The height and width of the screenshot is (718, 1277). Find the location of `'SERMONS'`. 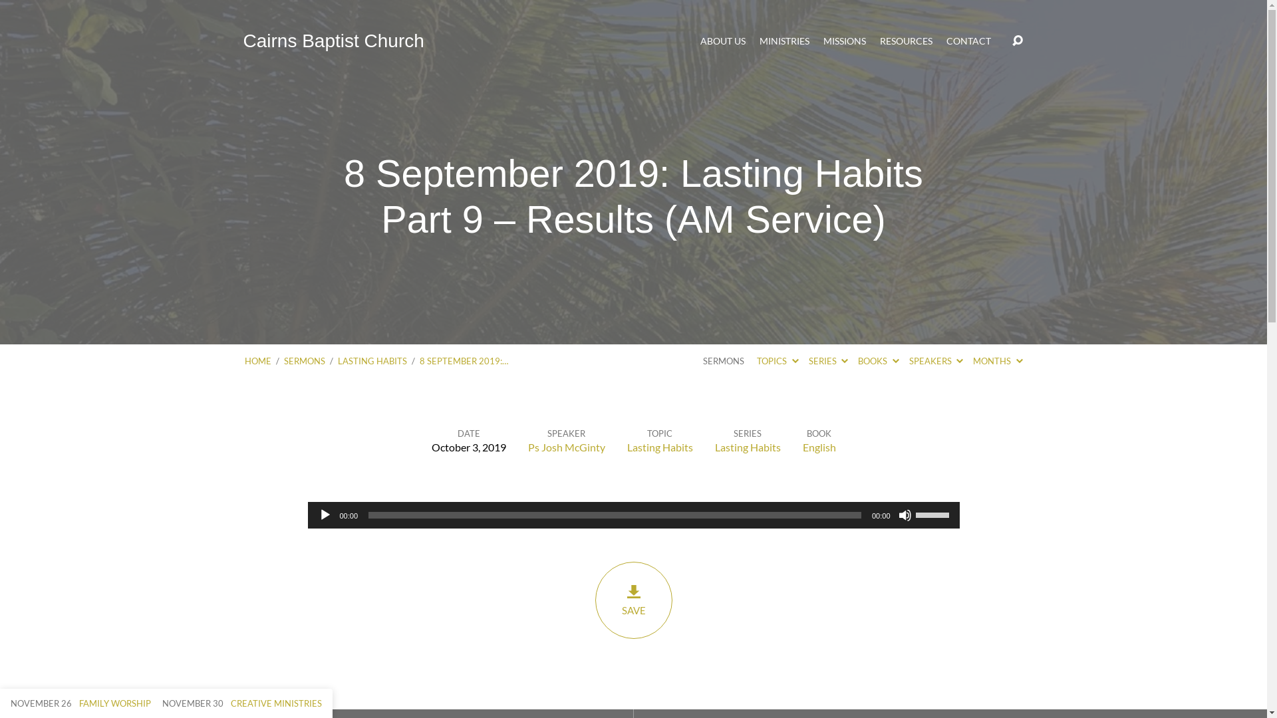

'SERMONS' is located at coordinates (303, 361).